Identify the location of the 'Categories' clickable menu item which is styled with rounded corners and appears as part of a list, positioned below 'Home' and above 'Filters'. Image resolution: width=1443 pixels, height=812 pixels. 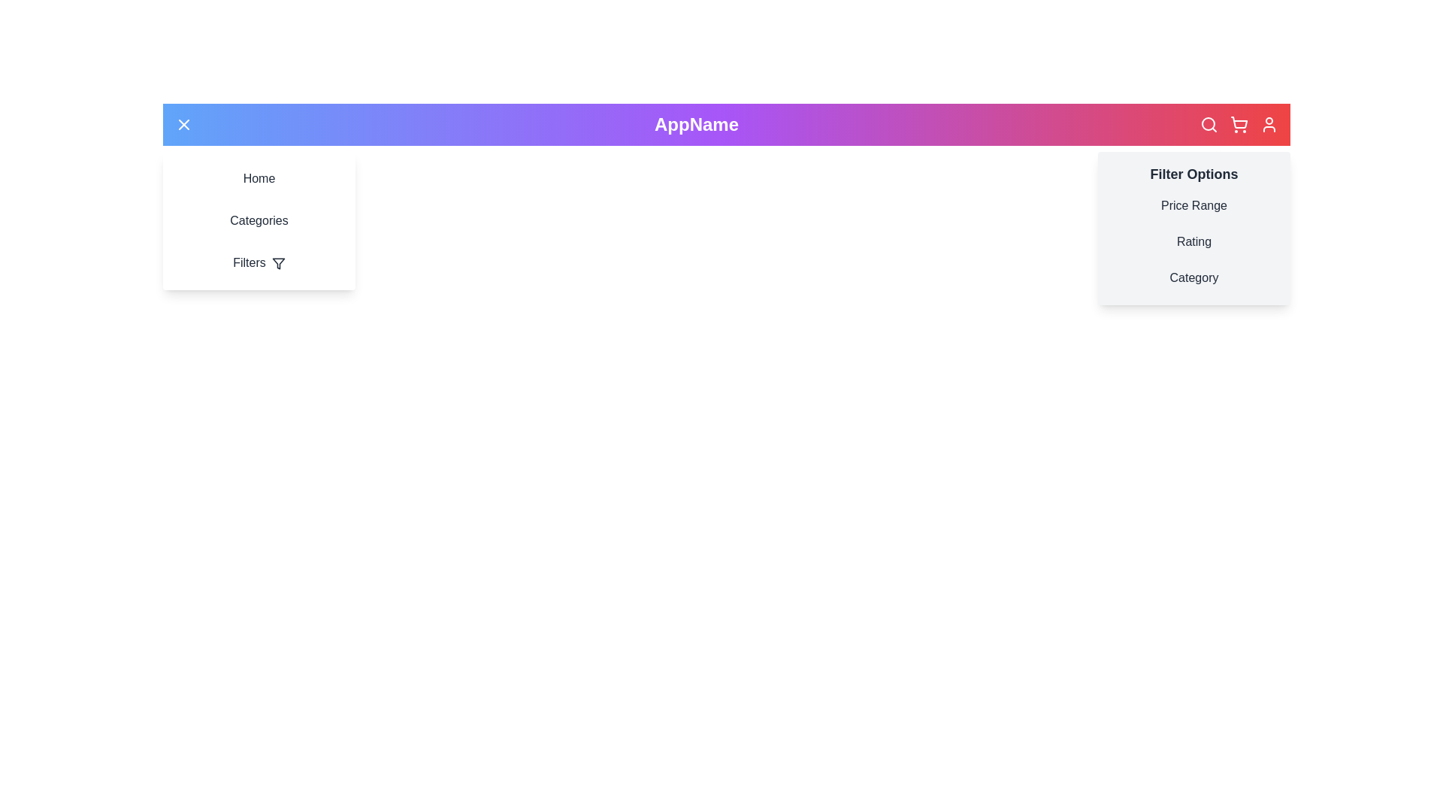
(259, 220).